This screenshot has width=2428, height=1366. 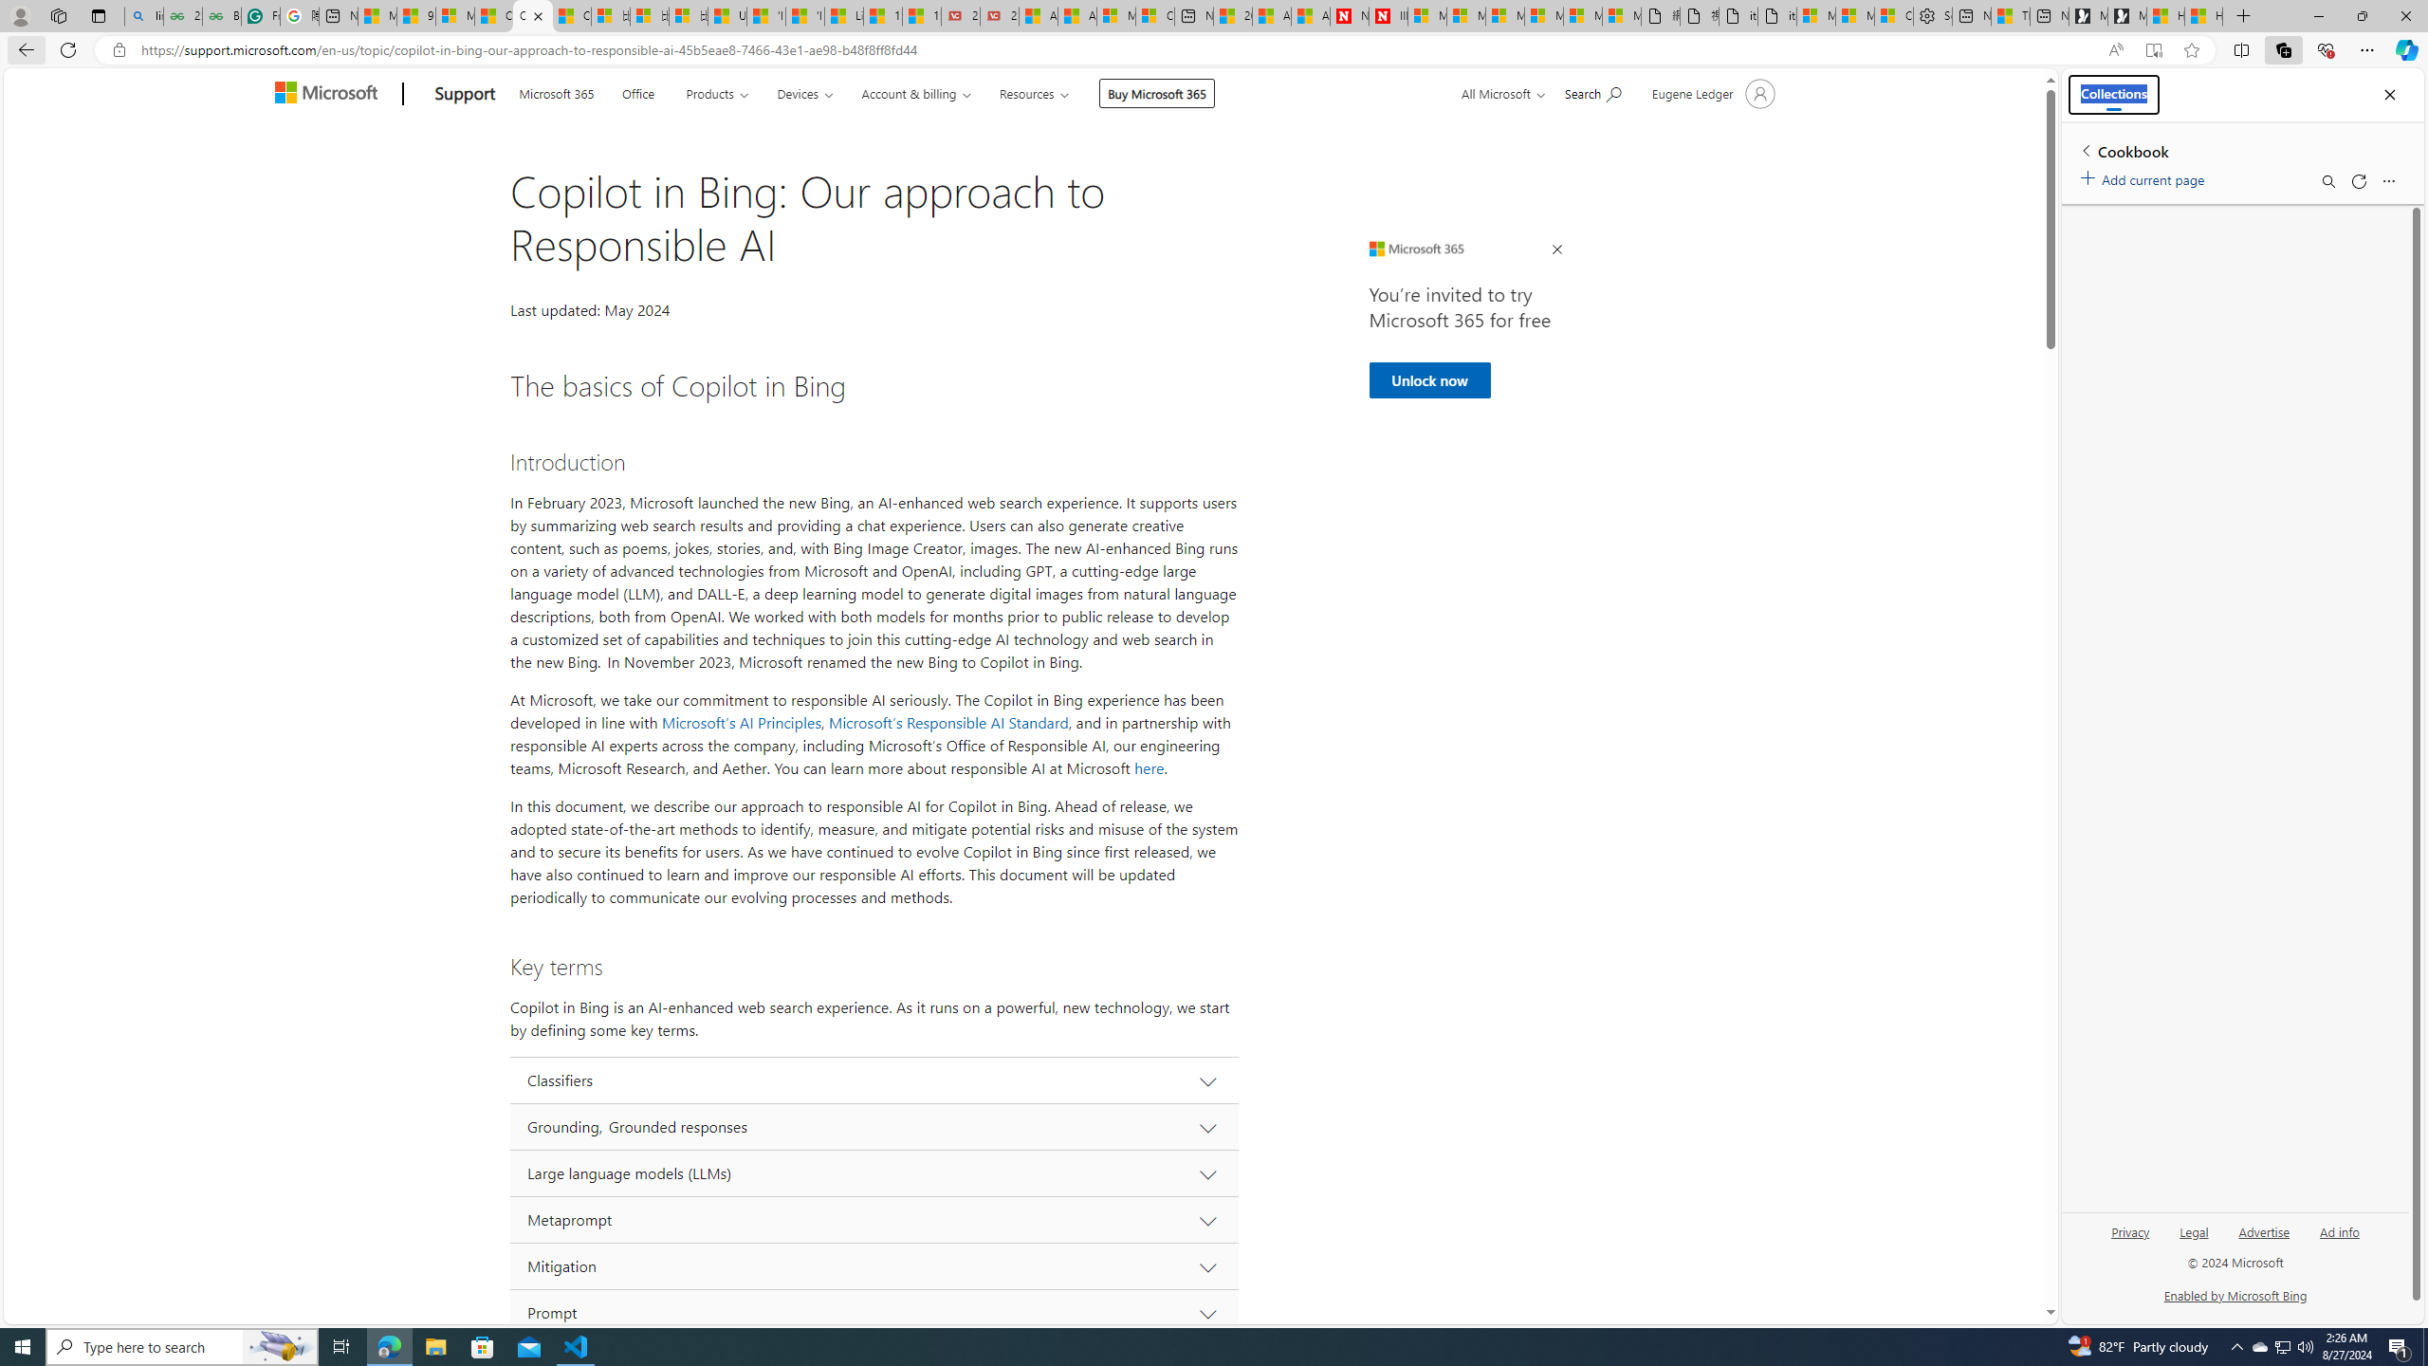 I want to click on 'Office', so click(x=637, y=90).